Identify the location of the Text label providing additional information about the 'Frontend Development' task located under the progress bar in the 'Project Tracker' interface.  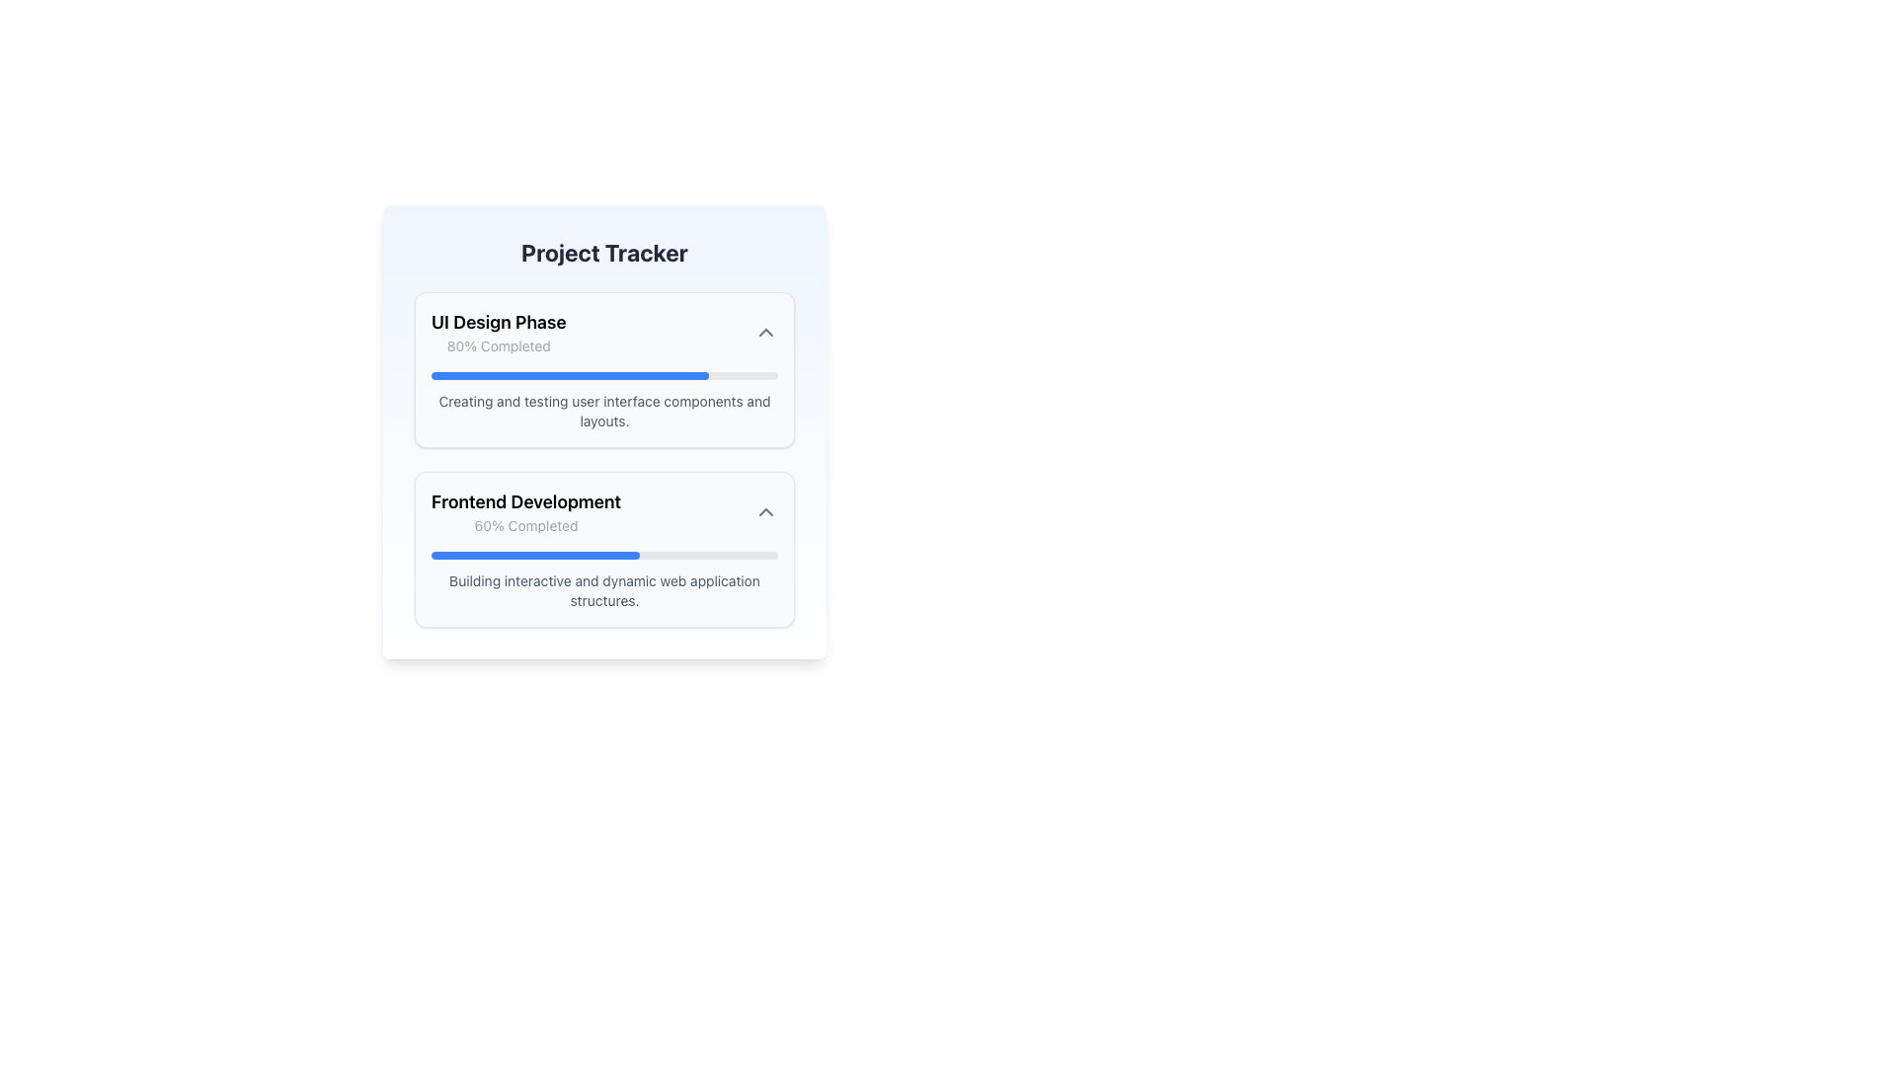
(603, 580).